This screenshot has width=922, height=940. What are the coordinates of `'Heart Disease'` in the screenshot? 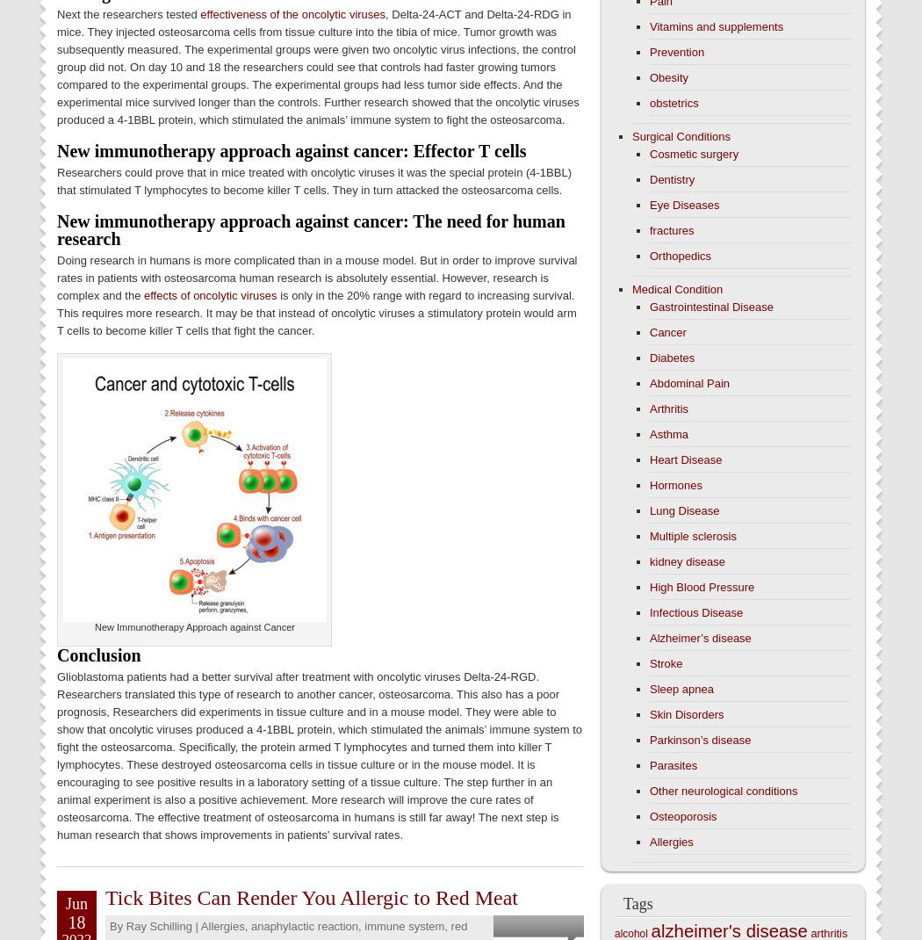 It's located at (685, 459).